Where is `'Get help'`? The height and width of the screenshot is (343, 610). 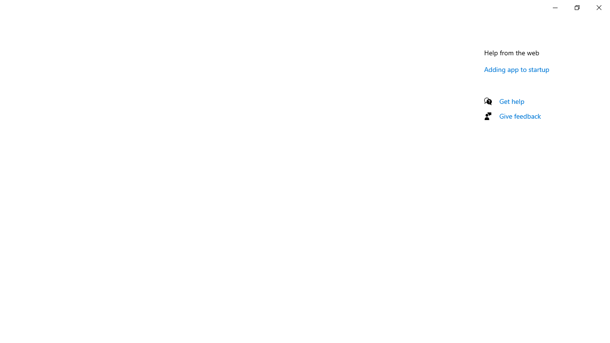
'Get help' is located at coordinates (511, 101).